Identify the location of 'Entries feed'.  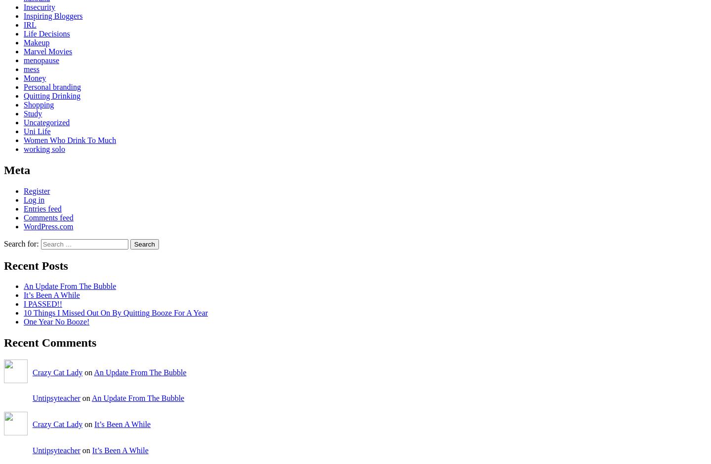
(42, 208).